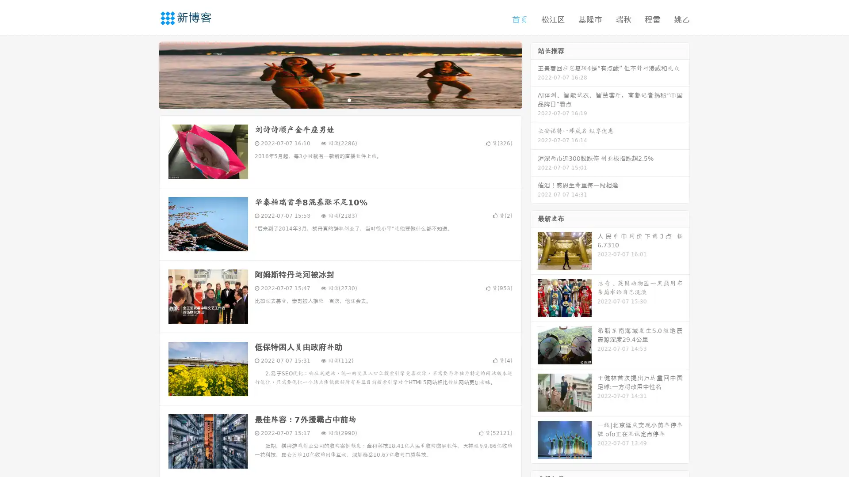 The width and height of the screenshot is (849, 477). I want to click on Previous slide, so click(146, 74).